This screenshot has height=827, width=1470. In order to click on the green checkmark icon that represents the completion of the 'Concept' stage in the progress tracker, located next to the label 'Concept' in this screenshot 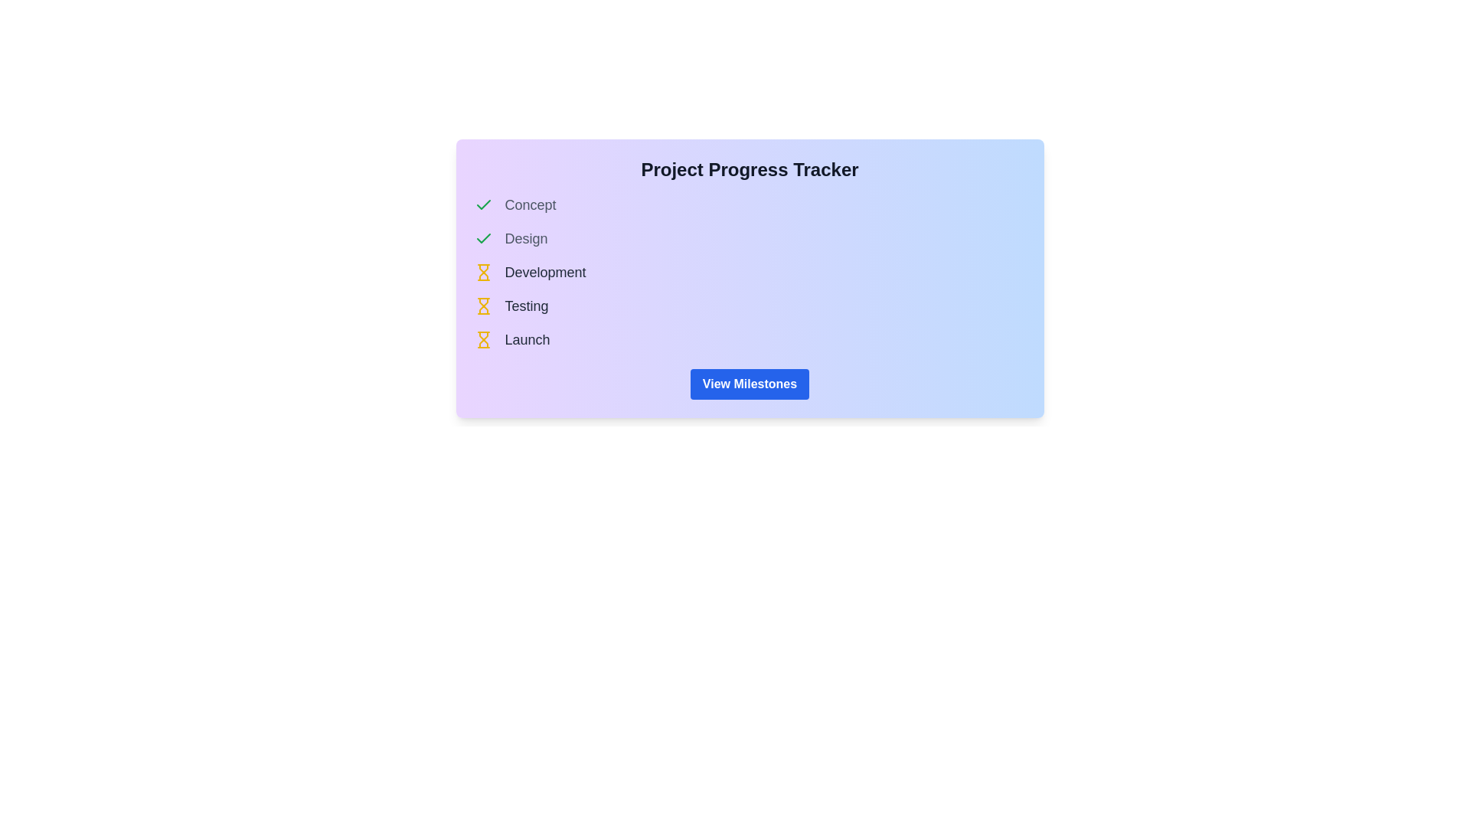, I will do `click(482, 204)`.